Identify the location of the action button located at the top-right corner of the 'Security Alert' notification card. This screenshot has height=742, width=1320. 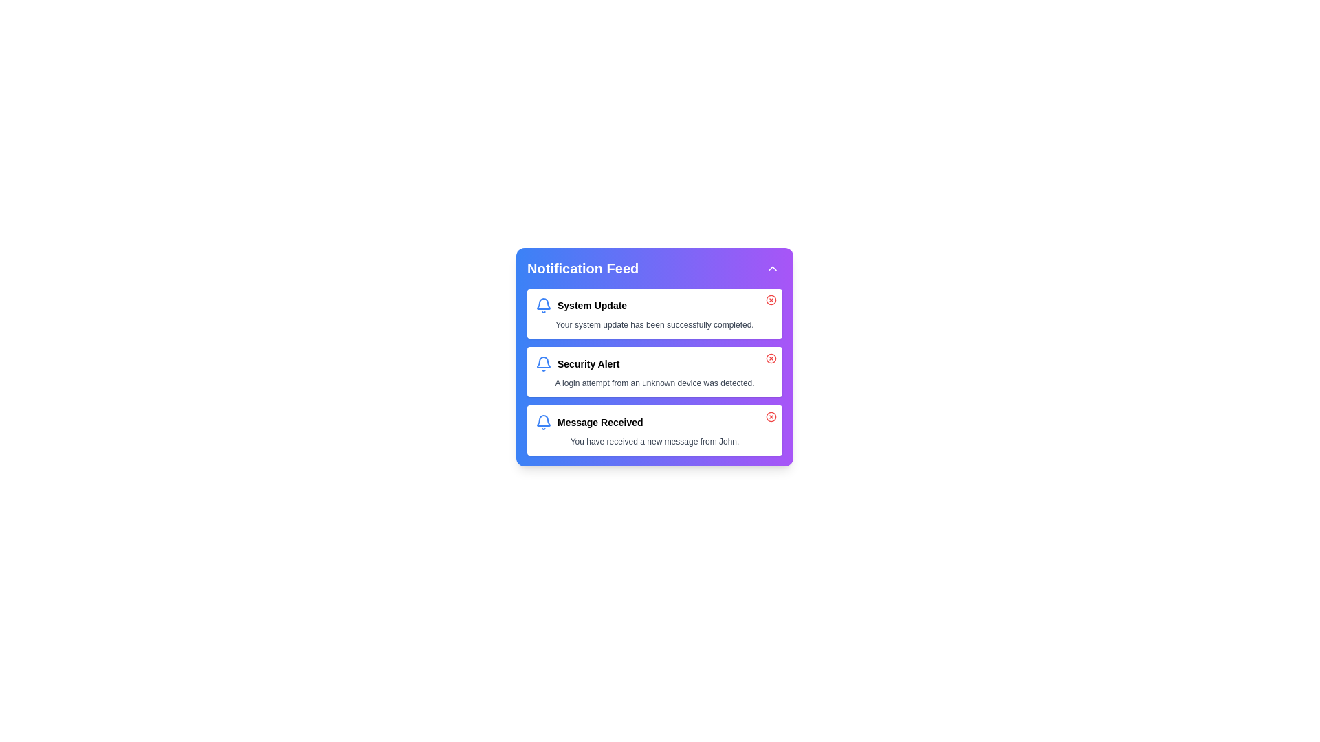
(771, 357).